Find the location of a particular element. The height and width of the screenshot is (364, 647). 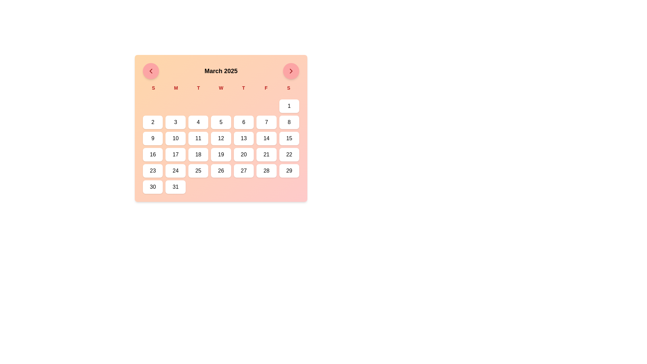

the Text label representing the starting day of the week in the calendar interface, located at the upper-left corner of the sequence of letters (S M T W T F S) is located at coordinates (153, 88).